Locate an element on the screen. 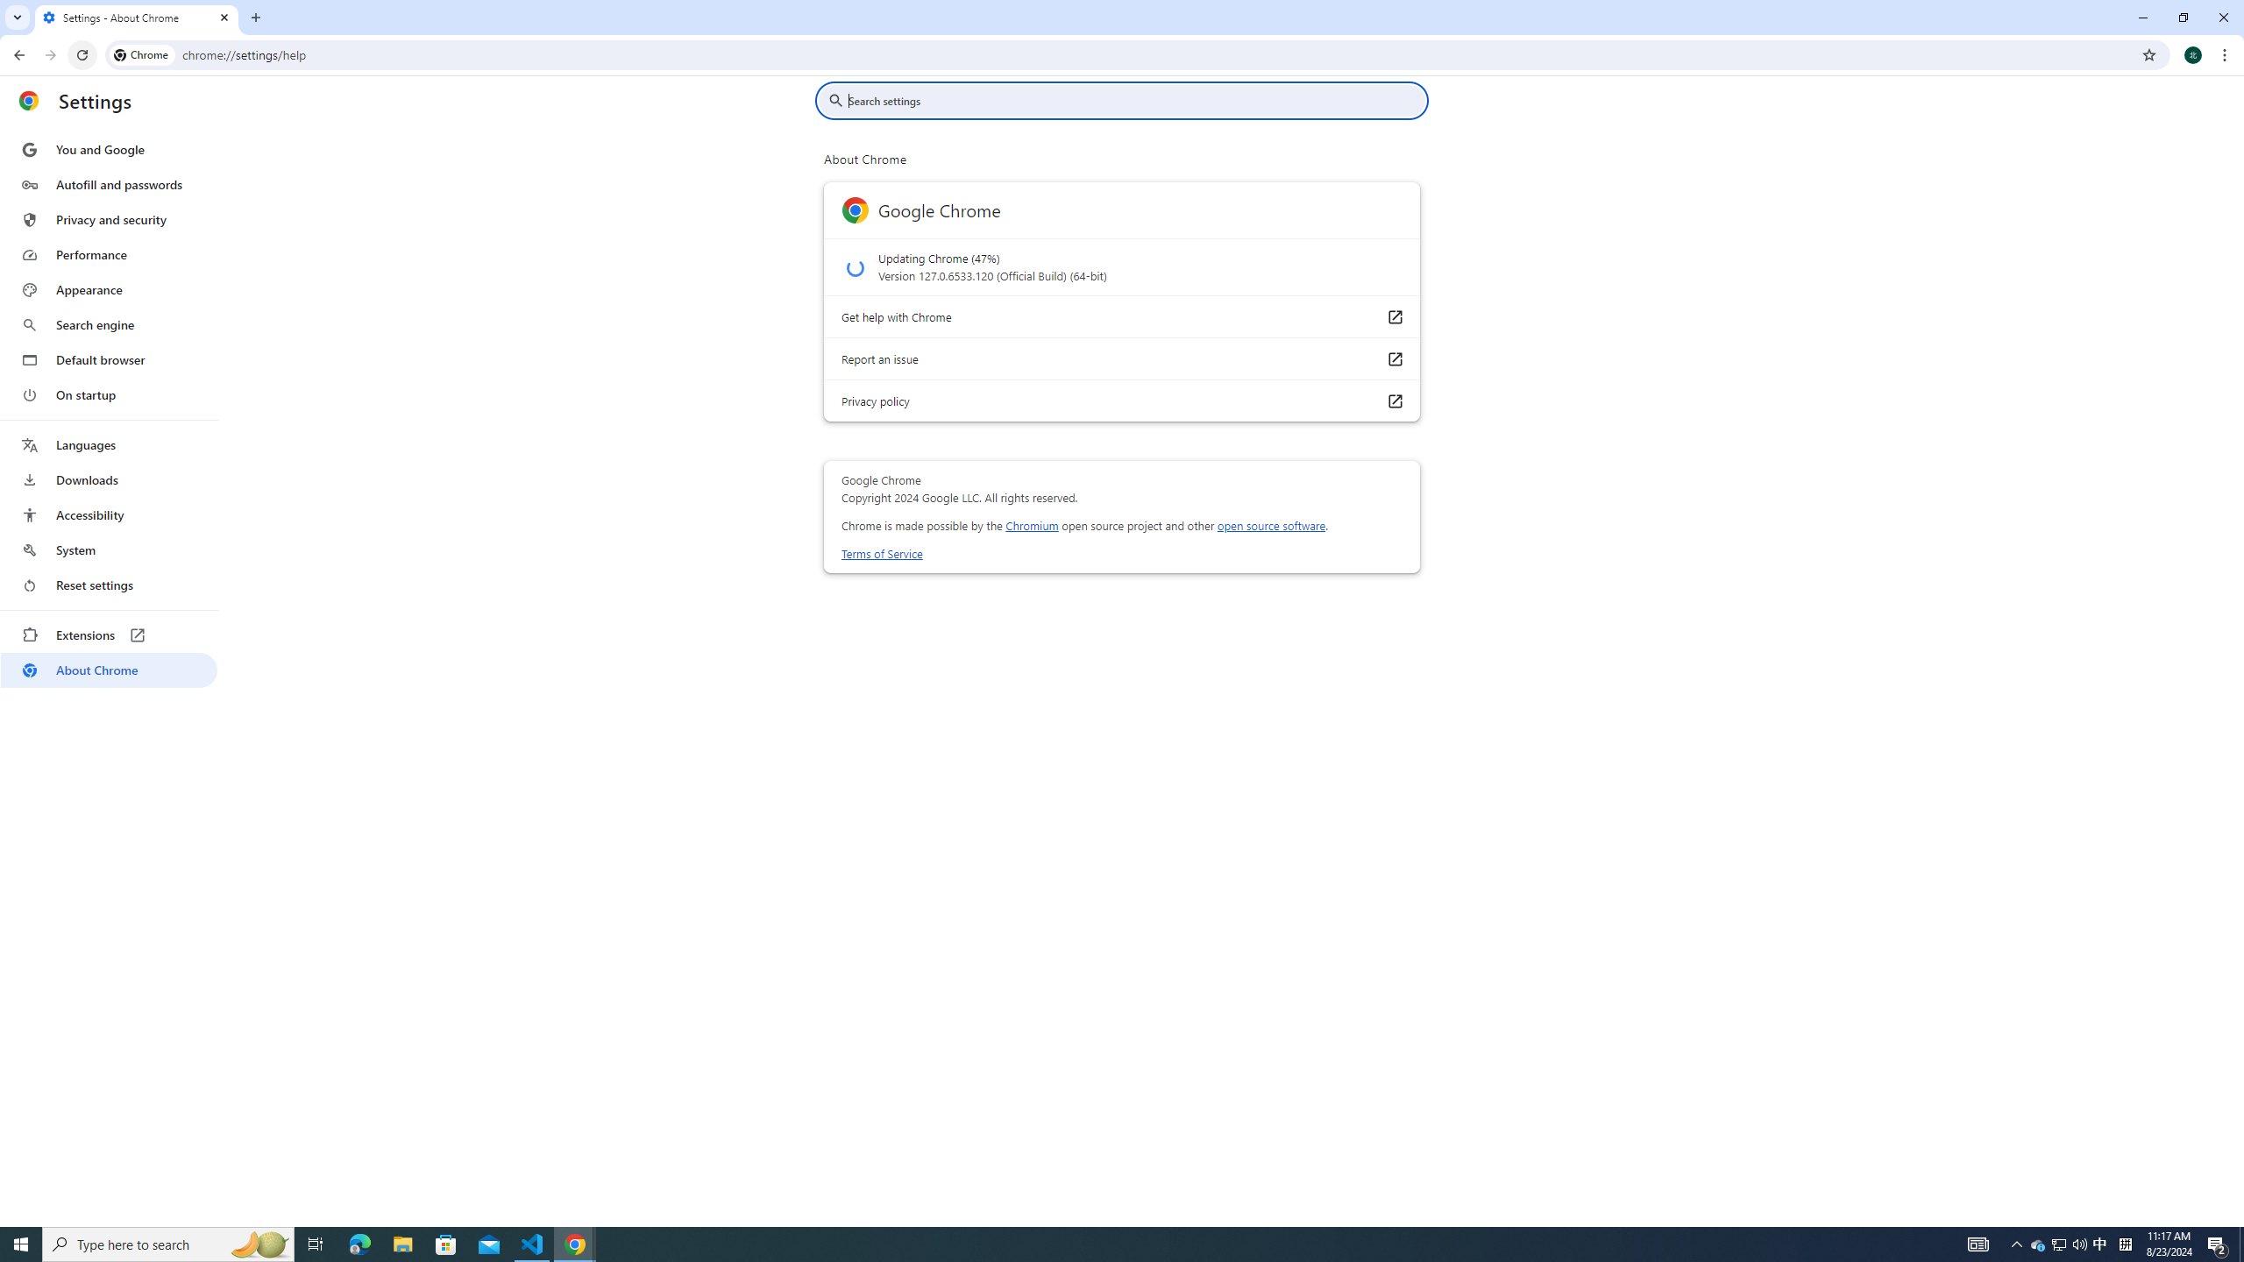  'Accessibility' is located at coordinates (108, 514).